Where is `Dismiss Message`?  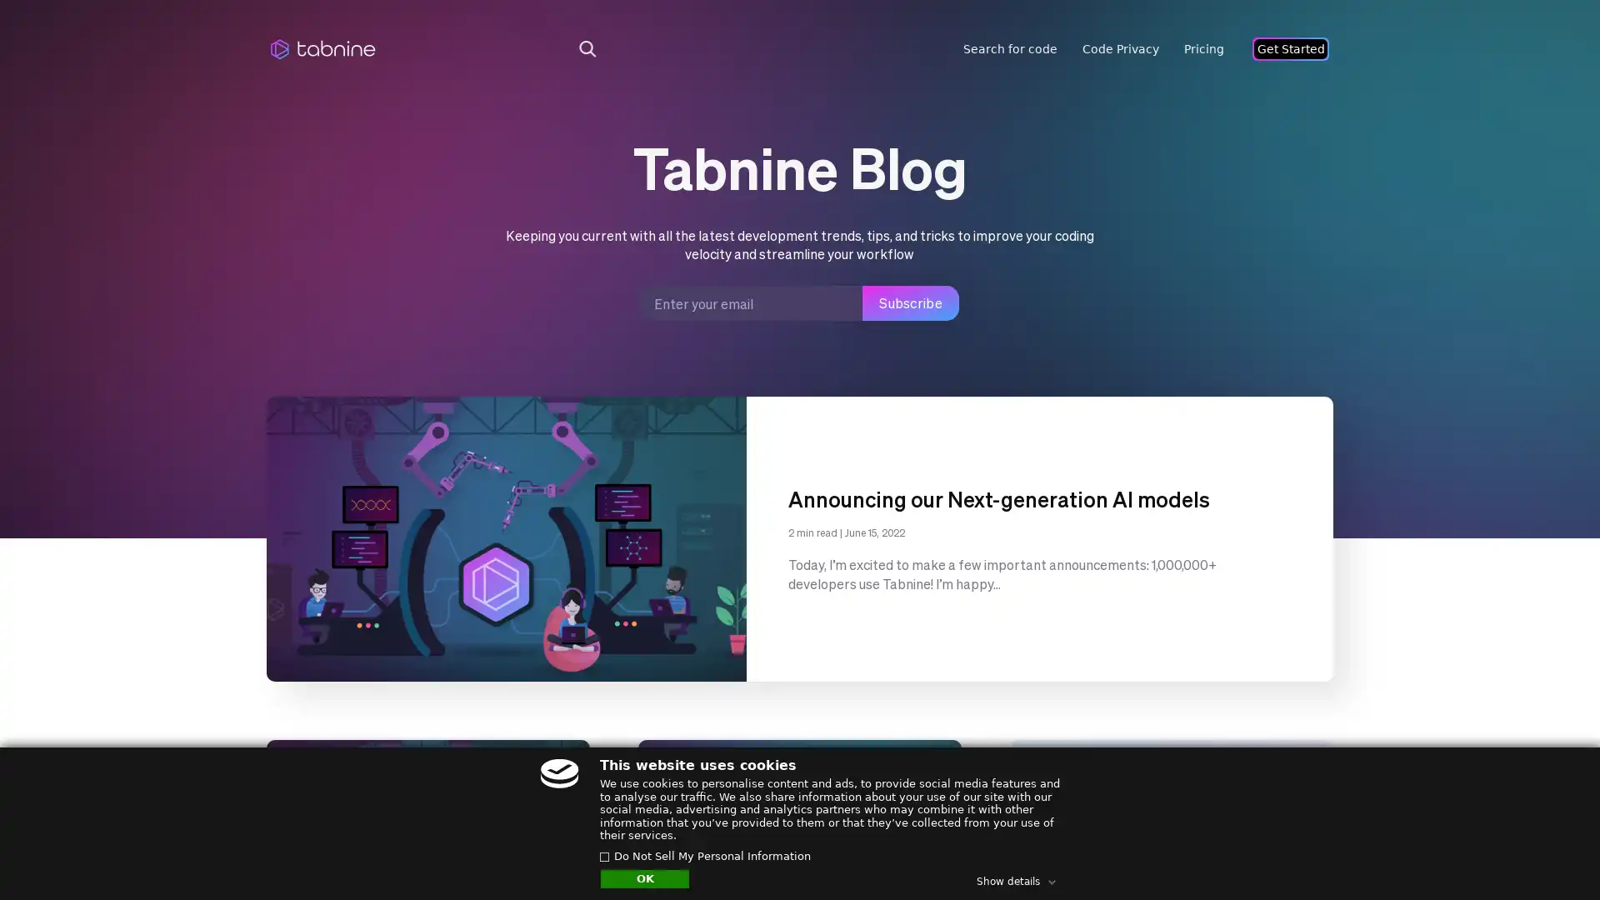
Dismiss Message is located at coordinates (1512, 836).